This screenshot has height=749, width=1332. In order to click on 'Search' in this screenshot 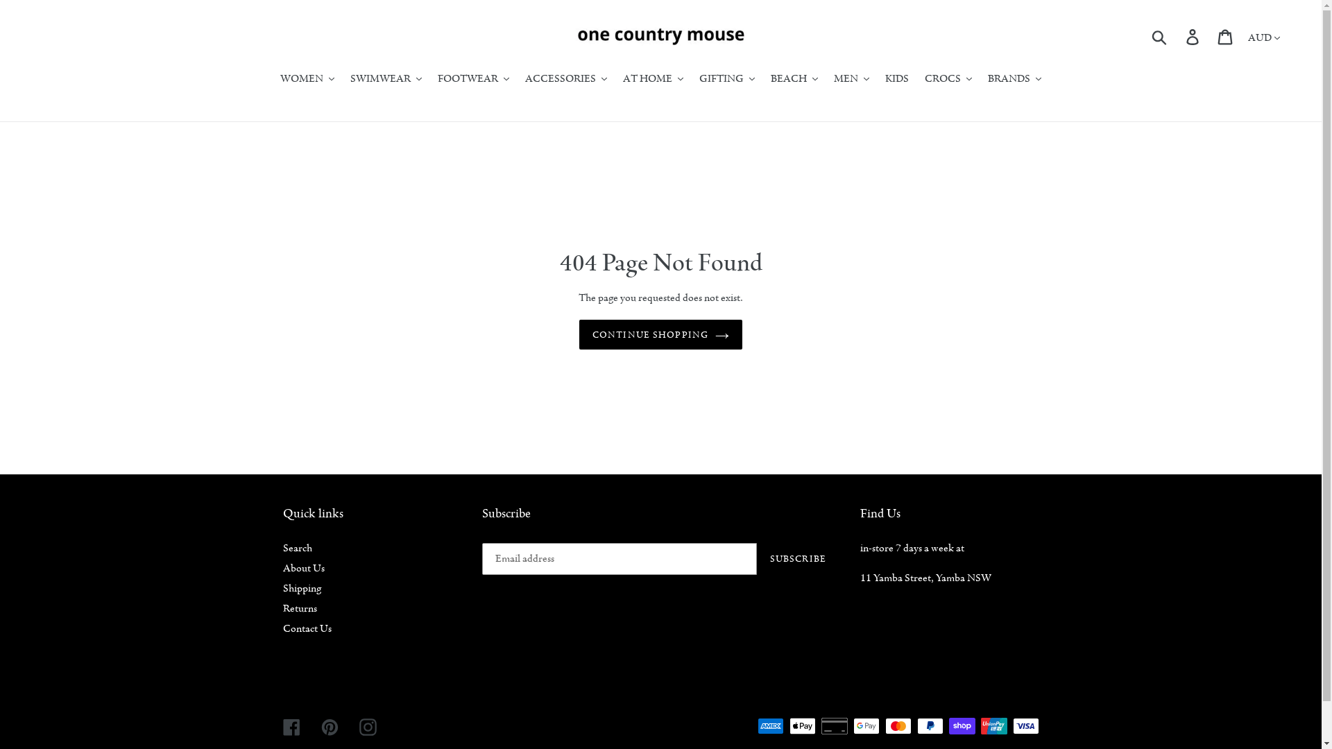, I will do `click(296, 547)`.